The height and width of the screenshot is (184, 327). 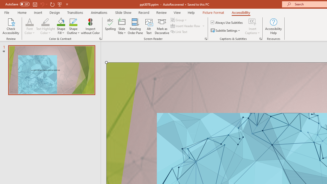 I want to click on 'Reading Order Pane', so click(x=135, y=26).